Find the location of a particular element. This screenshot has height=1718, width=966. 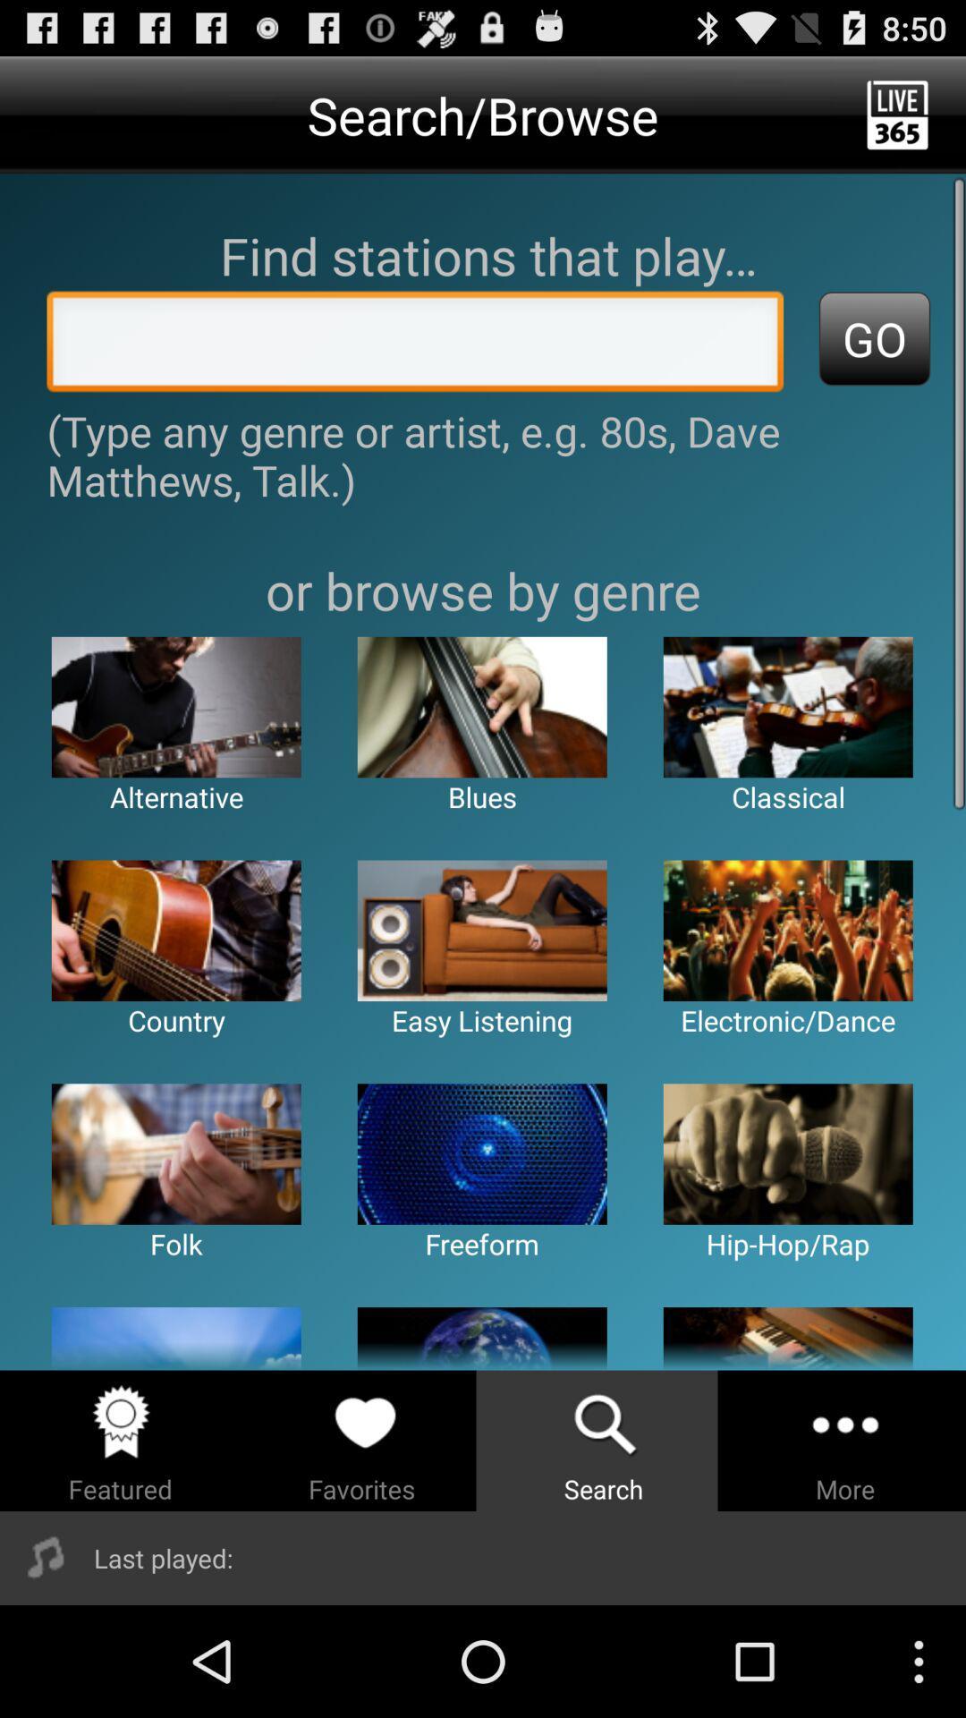

the image at the bottom right corner is located at coordinates (787, 1339).